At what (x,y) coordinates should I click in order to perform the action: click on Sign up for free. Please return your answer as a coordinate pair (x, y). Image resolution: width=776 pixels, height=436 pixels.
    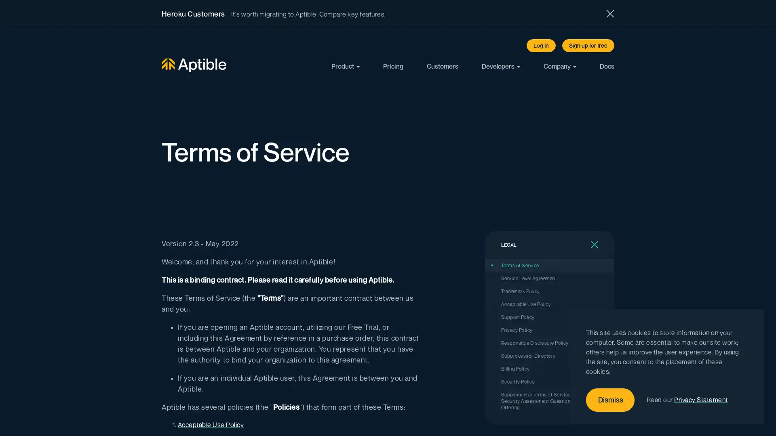
    Looking at the image, I should click on (588, 45).